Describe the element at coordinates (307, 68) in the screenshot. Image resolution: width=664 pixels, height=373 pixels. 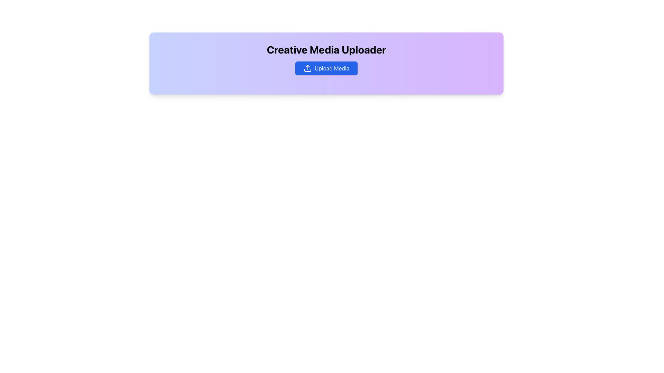
I see `the 'upload' icon located inside the 'Upload Media' button, which is positioned to the left of the button's text` at that location.